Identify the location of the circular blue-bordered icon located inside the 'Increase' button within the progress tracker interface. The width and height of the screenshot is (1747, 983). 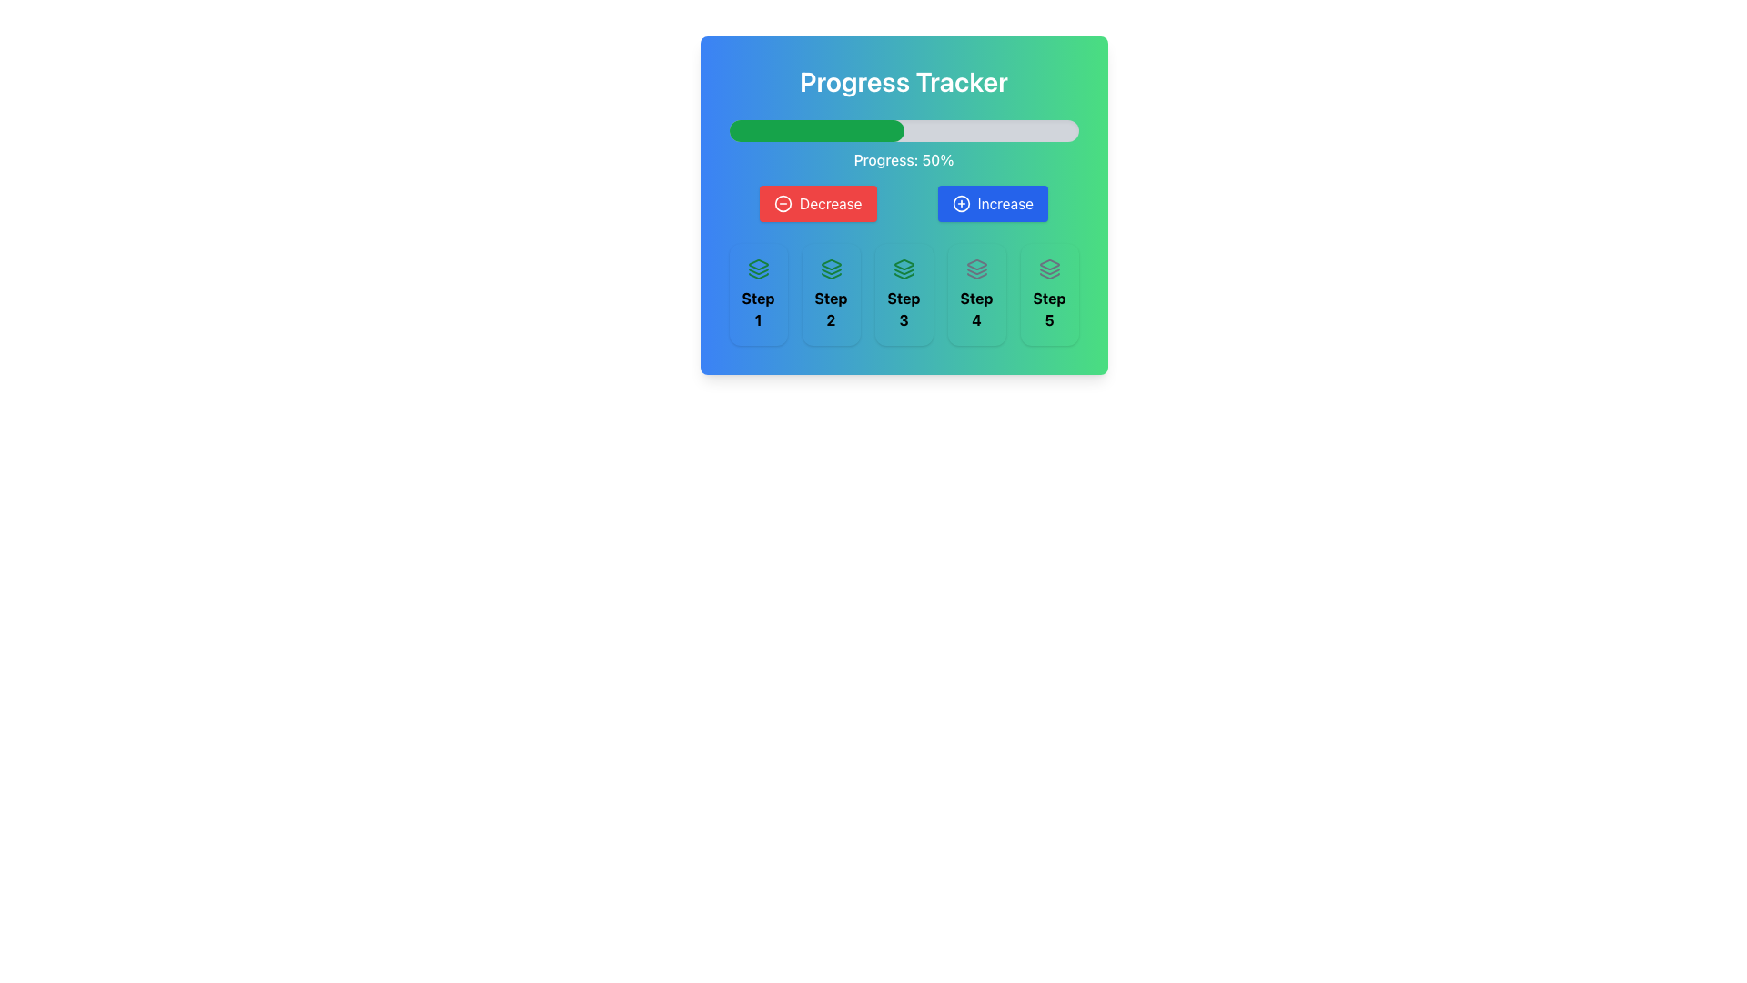
(960, 203).